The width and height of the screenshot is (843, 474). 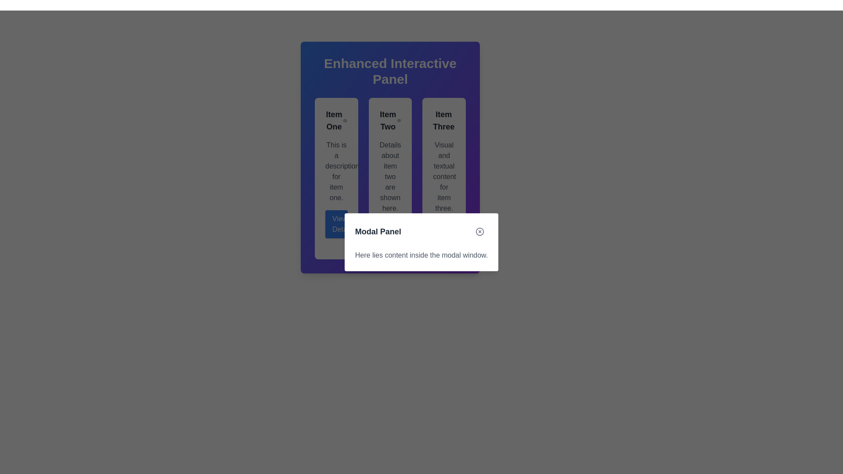 I want to click on the static text block that reads 'This is a description for item one.' which is positioned below the title 'Item One' and above the 'View Details' button, so click(x=336, y=171).